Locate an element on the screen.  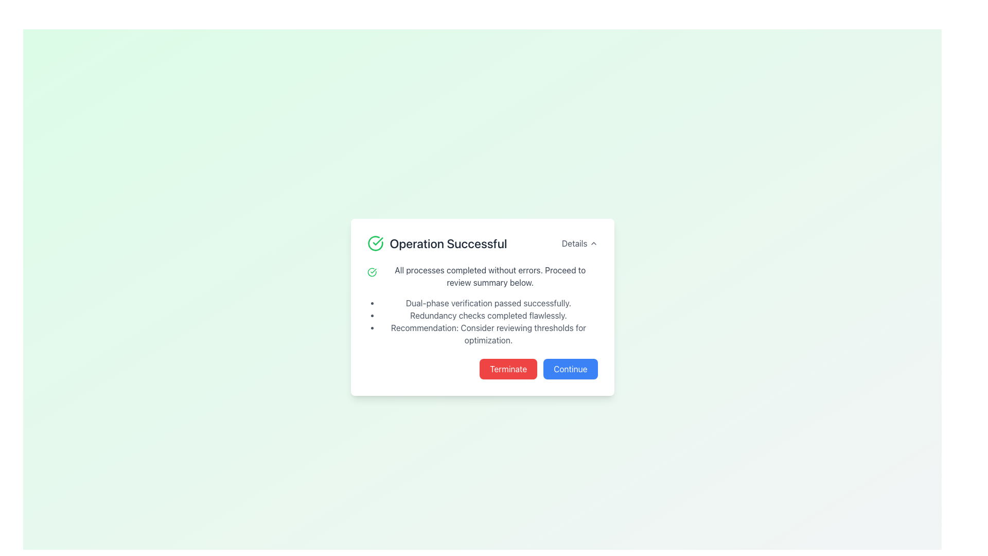
bulleted text in the confirmation dialog box located below the message 'All processes completed without errors. Proceed to review summary below.' is located at coordinates (488, 321).